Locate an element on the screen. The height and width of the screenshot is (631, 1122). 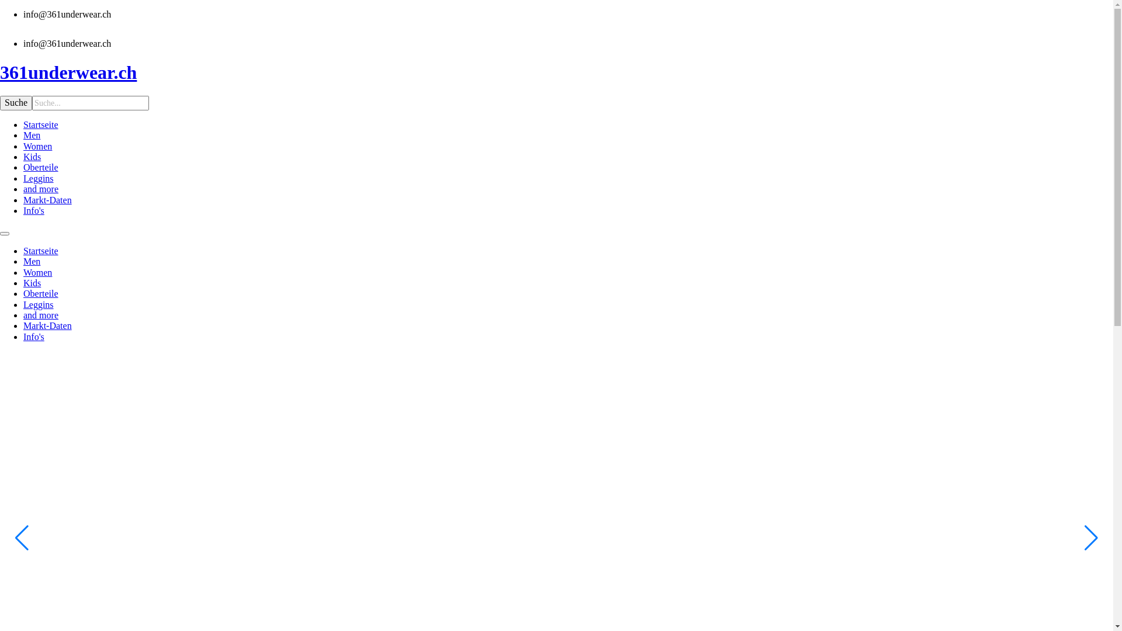
'Info's' is located at coordinates (33, 210).